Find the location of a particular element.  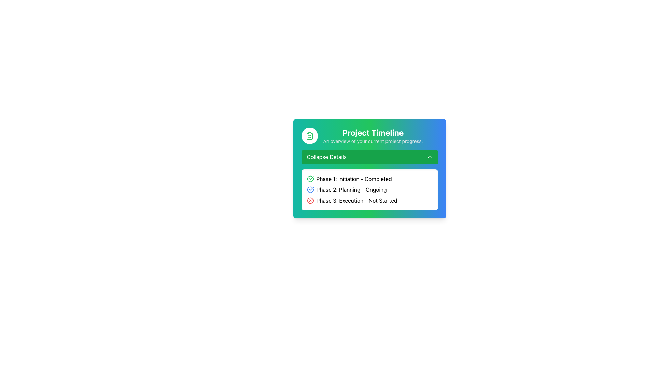

the main content block that provides an overview of project completion progress and pending tasks, located centrally beneath the title and 'Collapse Details' button is located at coordinates (369, 168).